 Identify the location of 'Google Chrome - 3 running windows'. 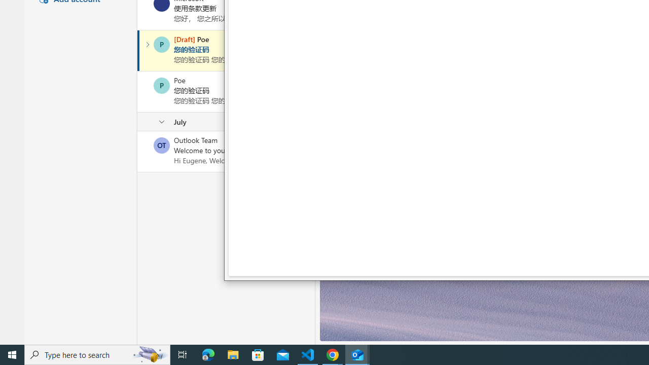
(333, 354).